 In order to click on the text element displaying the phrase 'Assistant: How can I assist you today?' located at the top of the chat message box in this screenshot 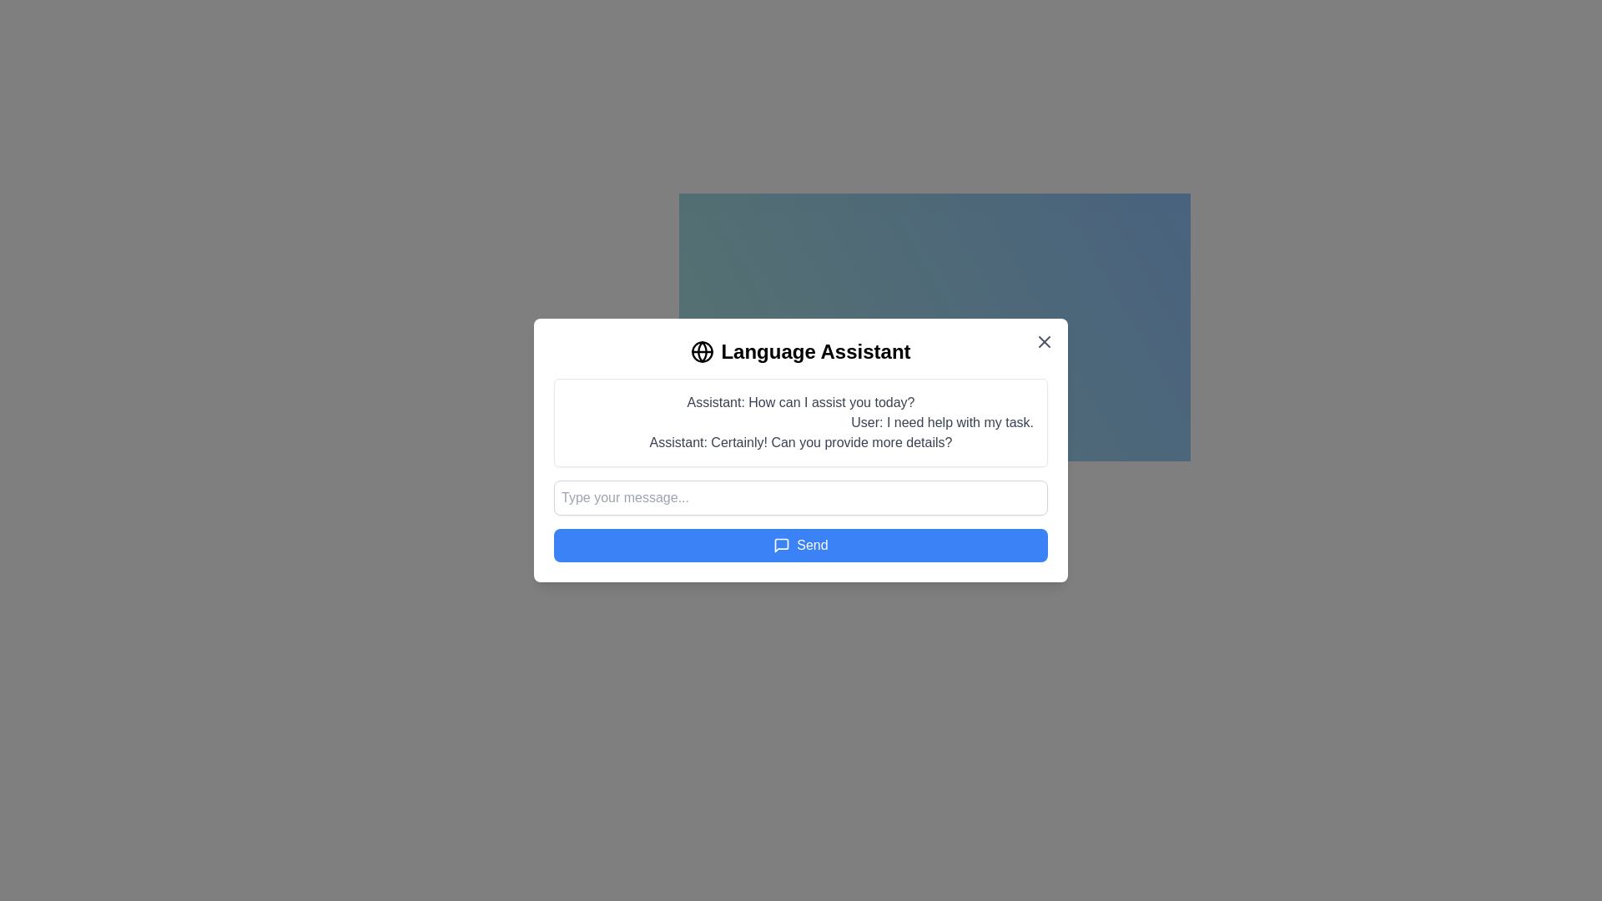, I will do `click(801, 402)`.